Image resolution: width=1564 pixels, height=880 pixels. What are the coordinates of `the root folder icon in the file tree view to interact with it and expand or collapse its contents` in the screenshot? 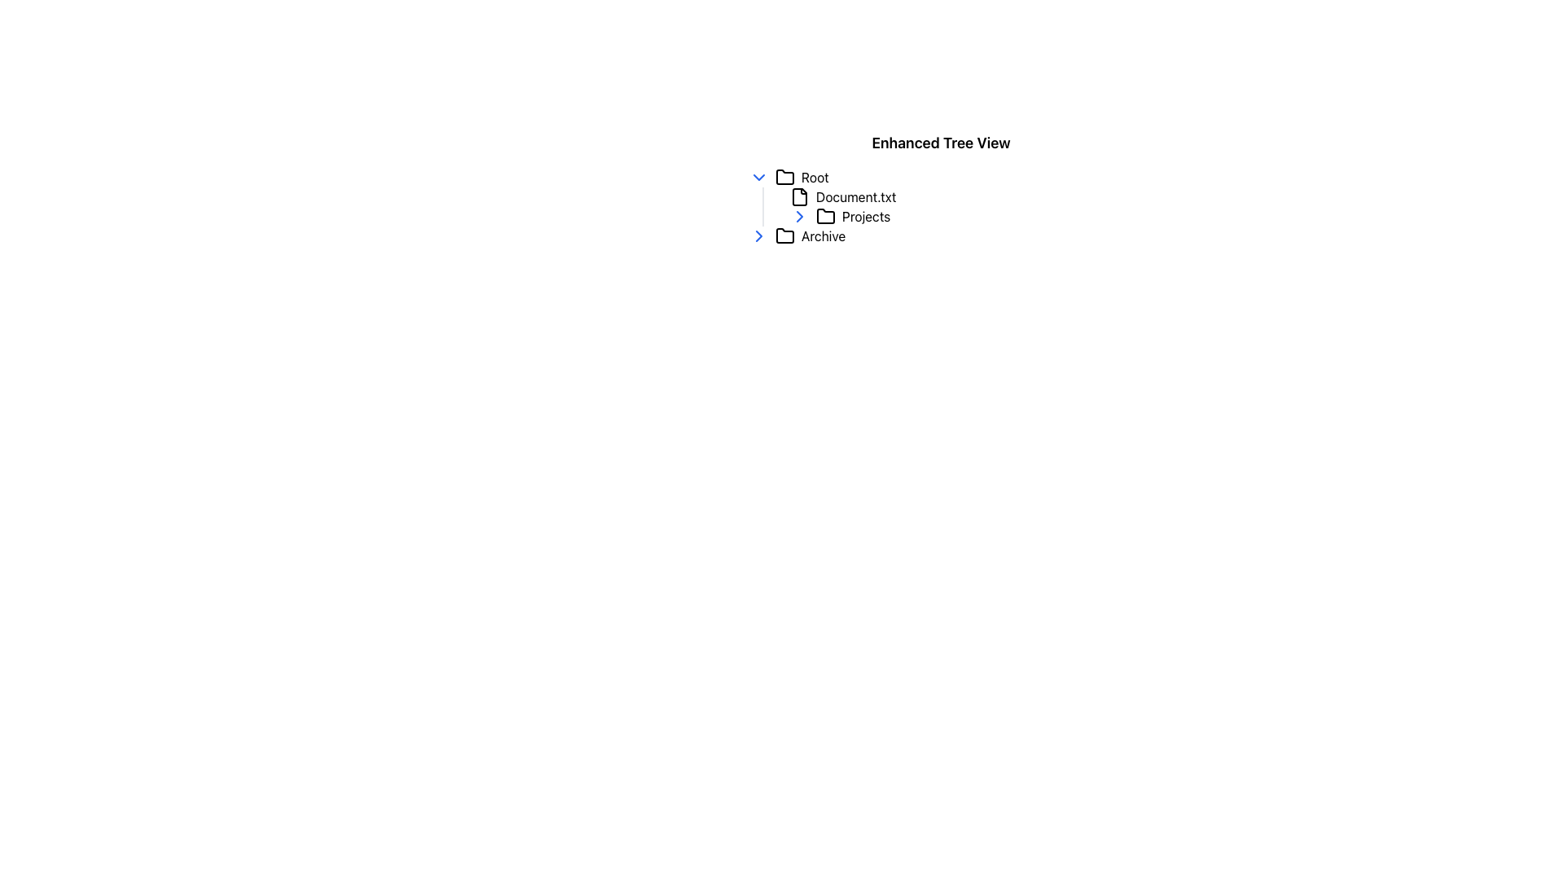 It's located at (785, 177).